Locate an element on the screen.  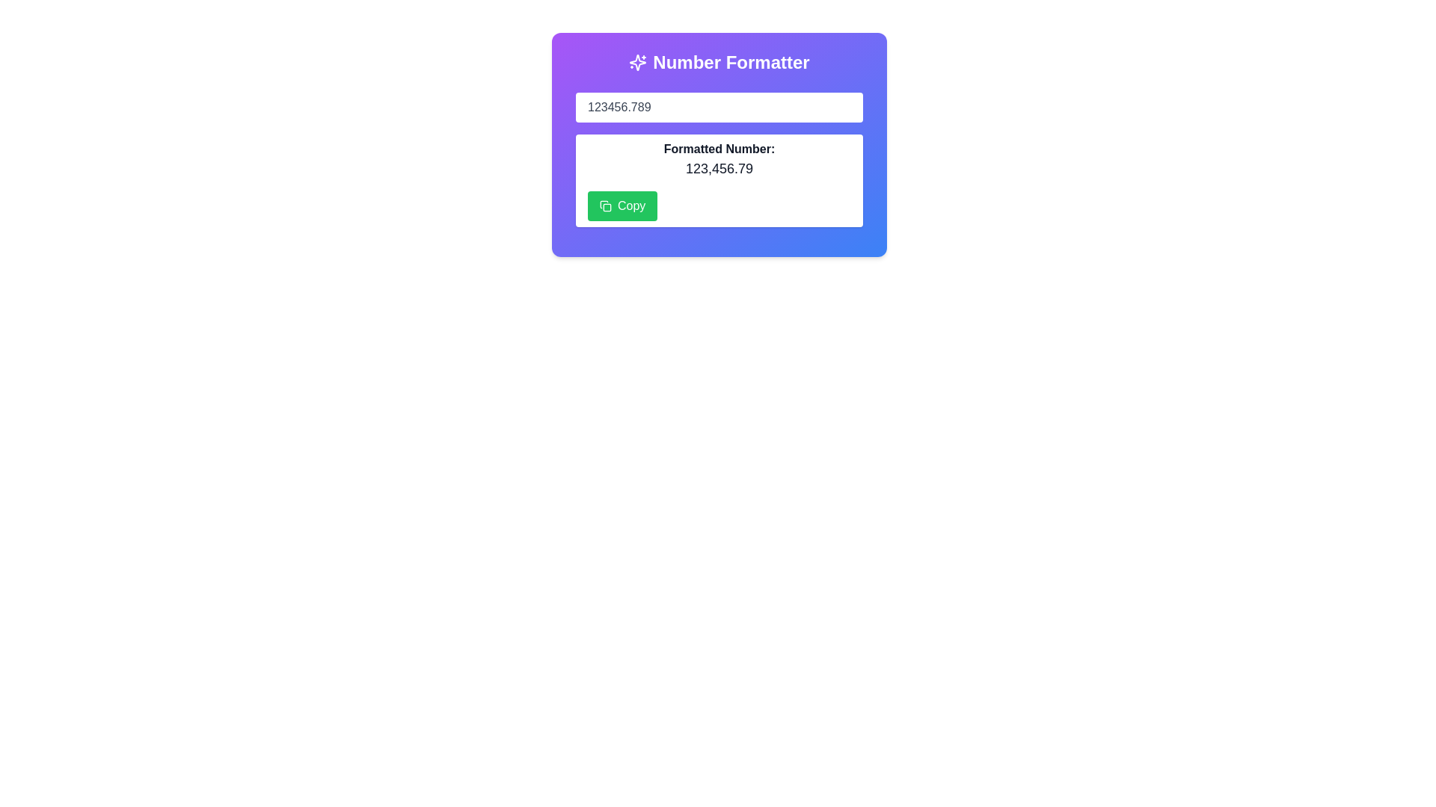
the Text Display element that shows a numerical value formatted with a comma as the thousand separator and two decimal places, emphasizing its significance is located at coordinates (719, 168).